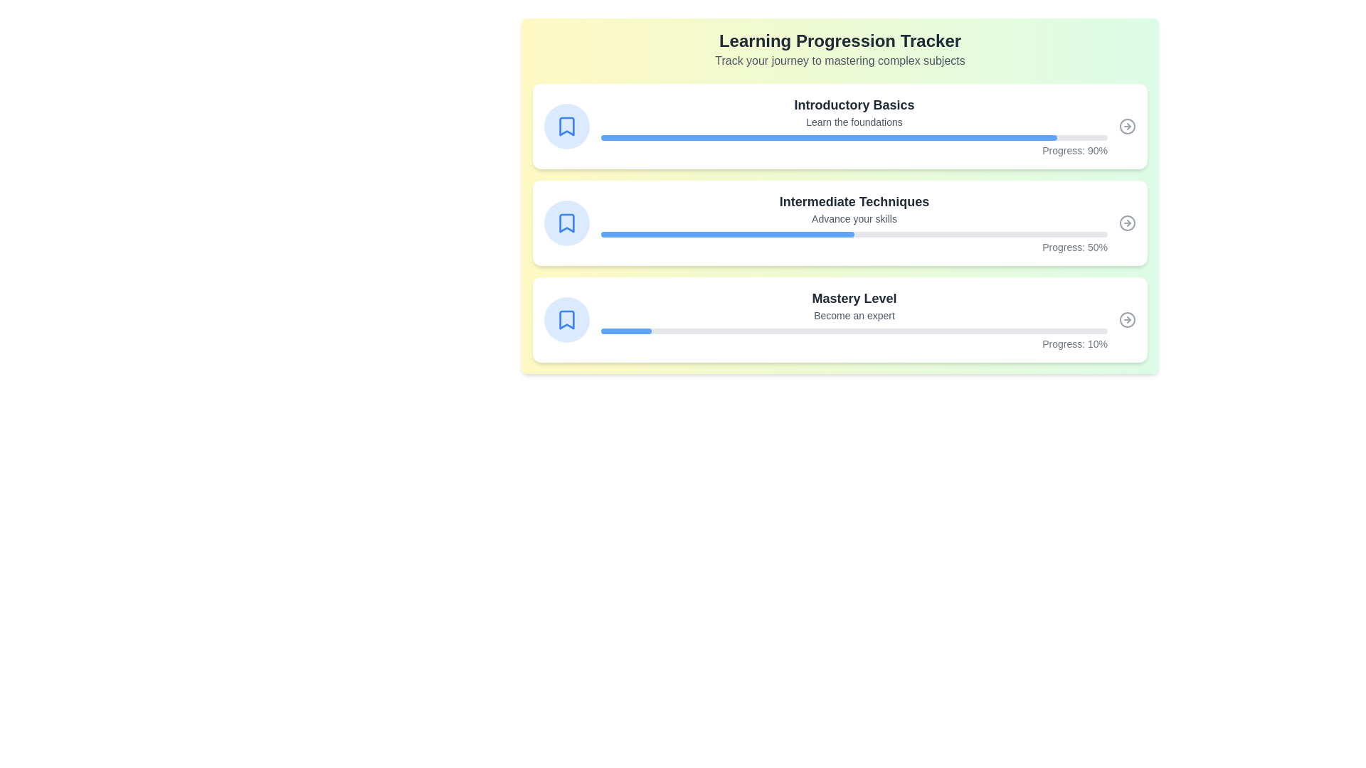 Image resolution: width=1366 pixels, height=768 pixels. What do you see at coordinates (840, 60) in the screenshot?
I see `the descriptive subtitle text label located below the 'Learning Progression Tracker' title, which provides context about the section` at bounding box center [840, 60].